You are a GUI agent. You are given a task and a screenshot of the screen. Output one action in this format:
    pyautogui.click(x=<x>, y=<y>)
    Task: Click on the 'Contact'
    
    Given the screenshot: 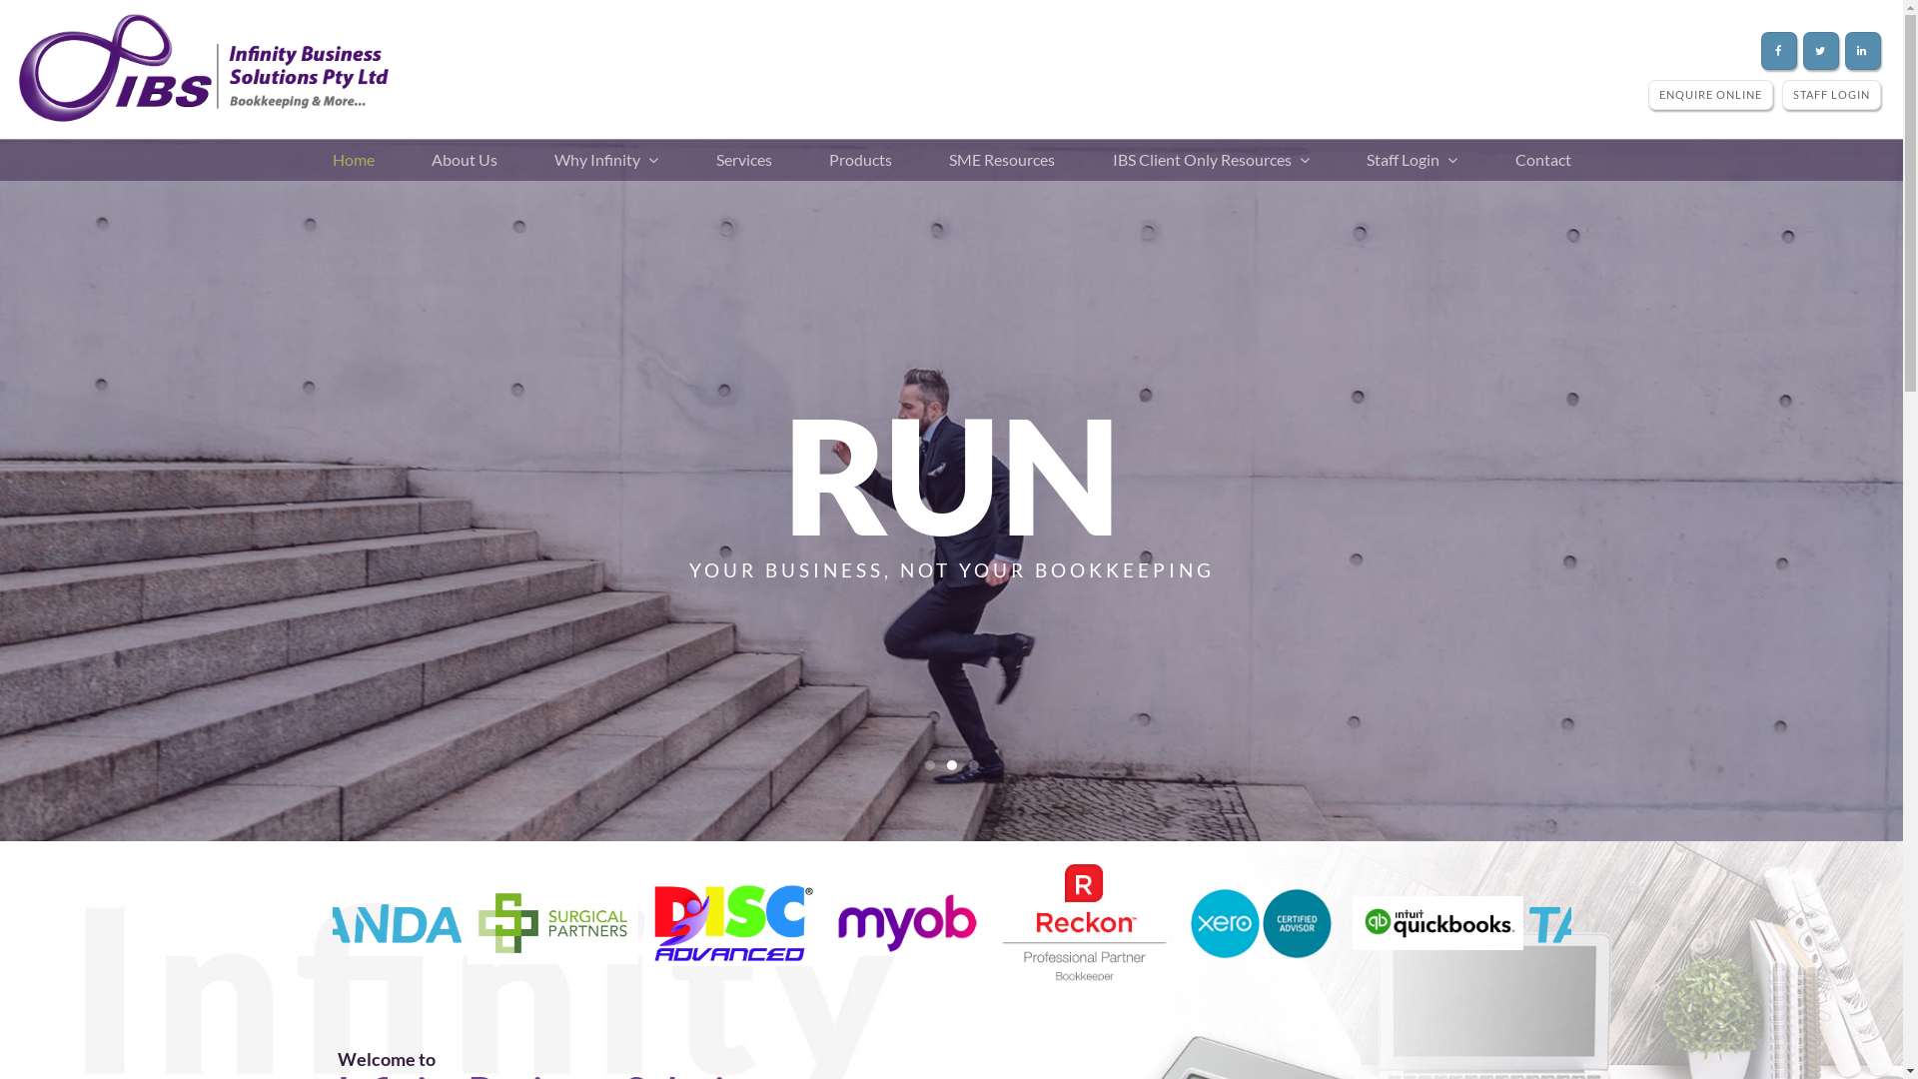 What is the action you would take?
    pyautogui.click(x=1541, y=158)
    